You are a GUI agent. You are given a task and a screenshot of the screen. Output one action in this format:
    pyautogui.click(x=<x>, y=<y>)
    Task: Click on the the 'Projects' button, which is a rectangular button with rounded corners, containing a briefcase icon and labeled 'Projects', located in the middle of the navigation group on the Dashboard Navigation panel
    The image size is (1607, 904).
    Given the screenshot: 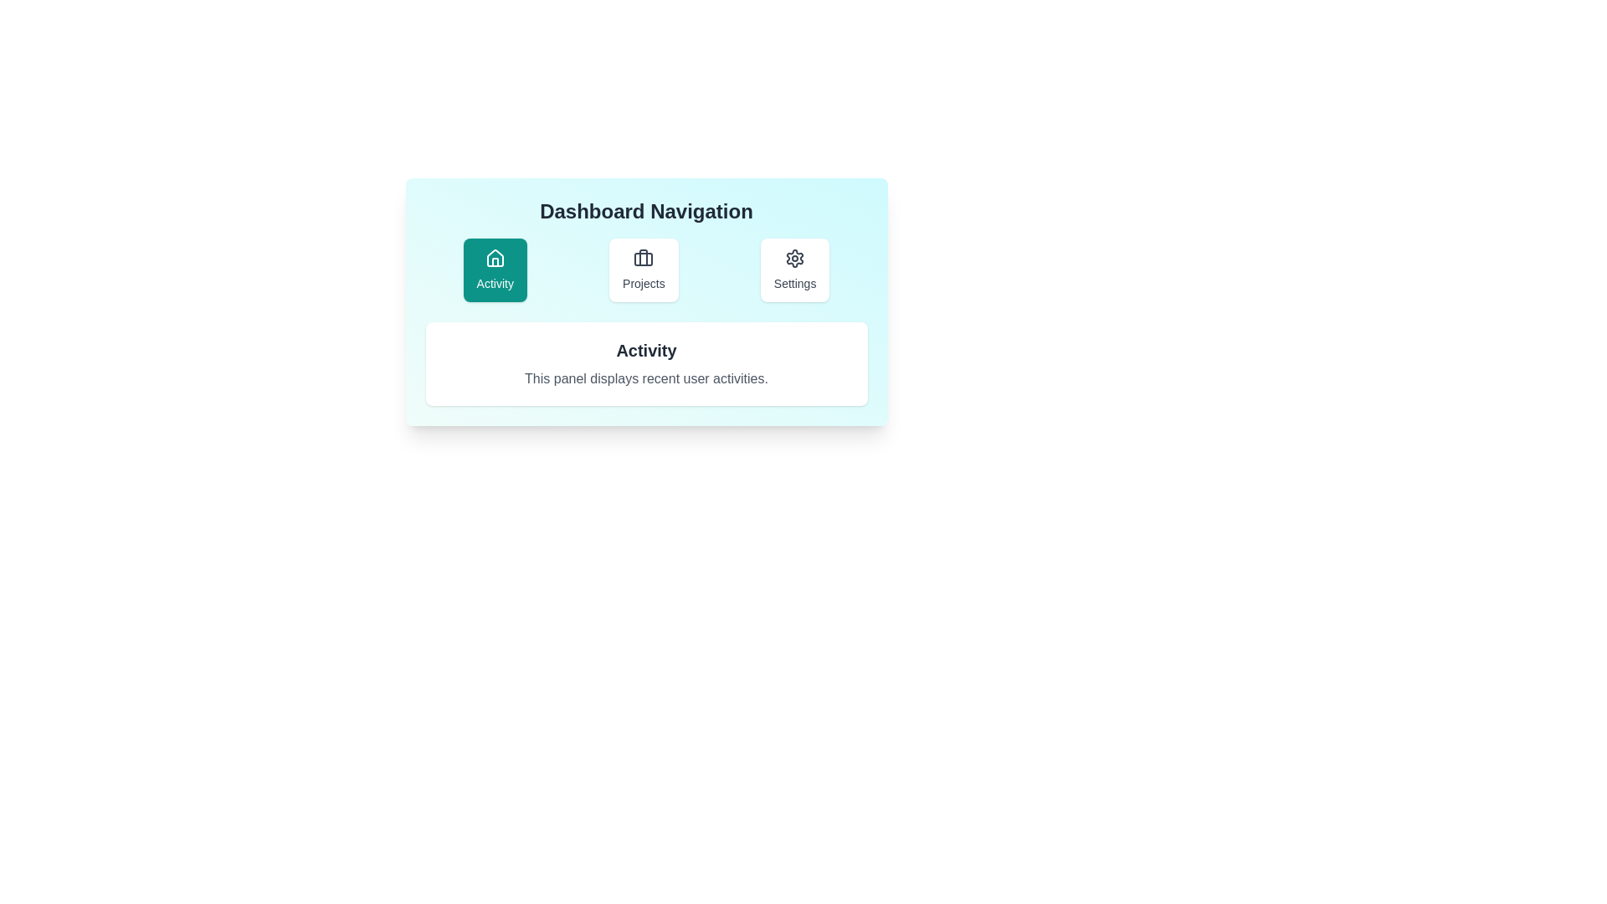 What is the action you would take?
    pyautogui.click(x=643, y=270)
    